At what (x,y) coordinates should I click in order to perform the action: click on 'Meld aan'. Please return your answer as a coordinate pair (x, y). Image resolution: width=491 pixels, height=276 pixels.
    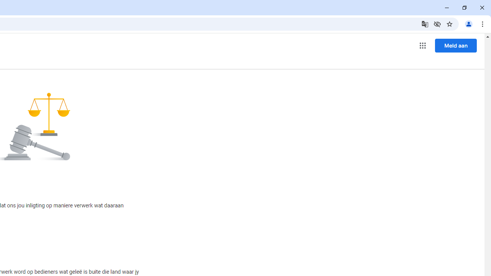
    Looking at the image, I should click on (456, 45).